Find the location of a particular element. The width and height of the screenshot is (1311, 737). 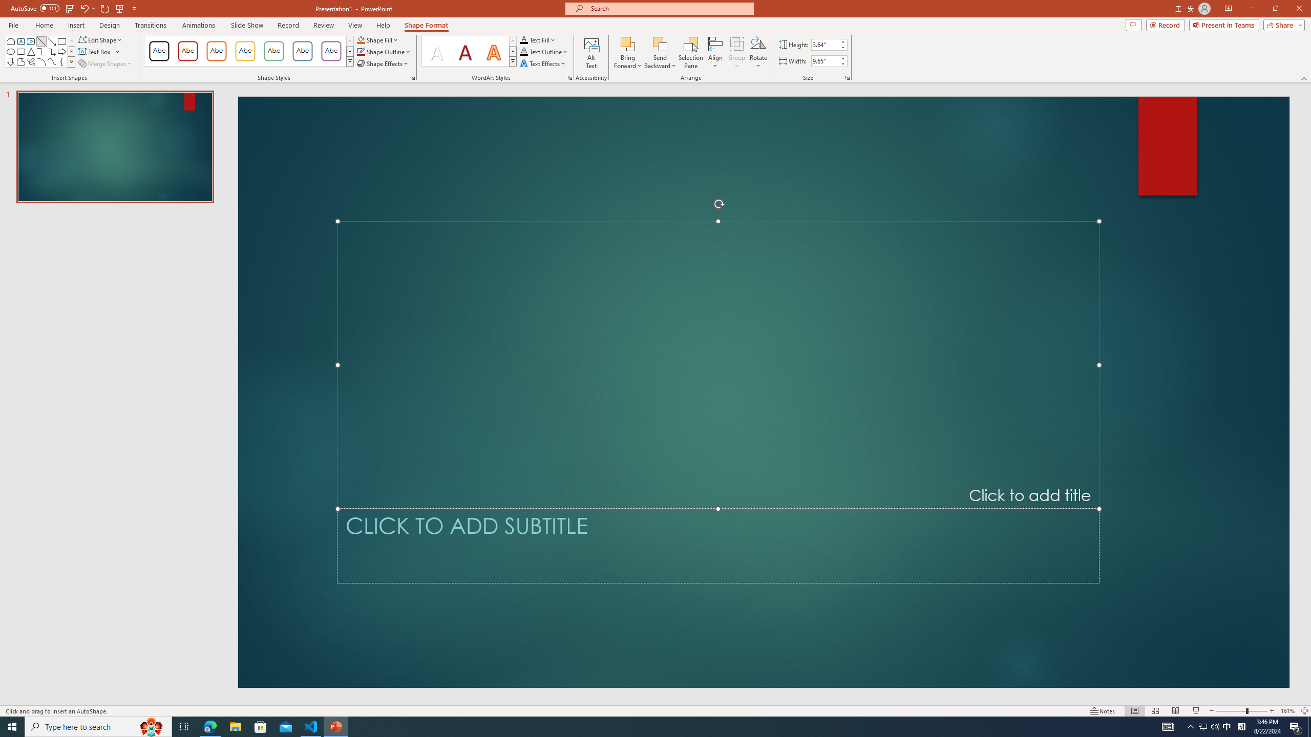

'Left Brace' is located at coordinates (61, 61).